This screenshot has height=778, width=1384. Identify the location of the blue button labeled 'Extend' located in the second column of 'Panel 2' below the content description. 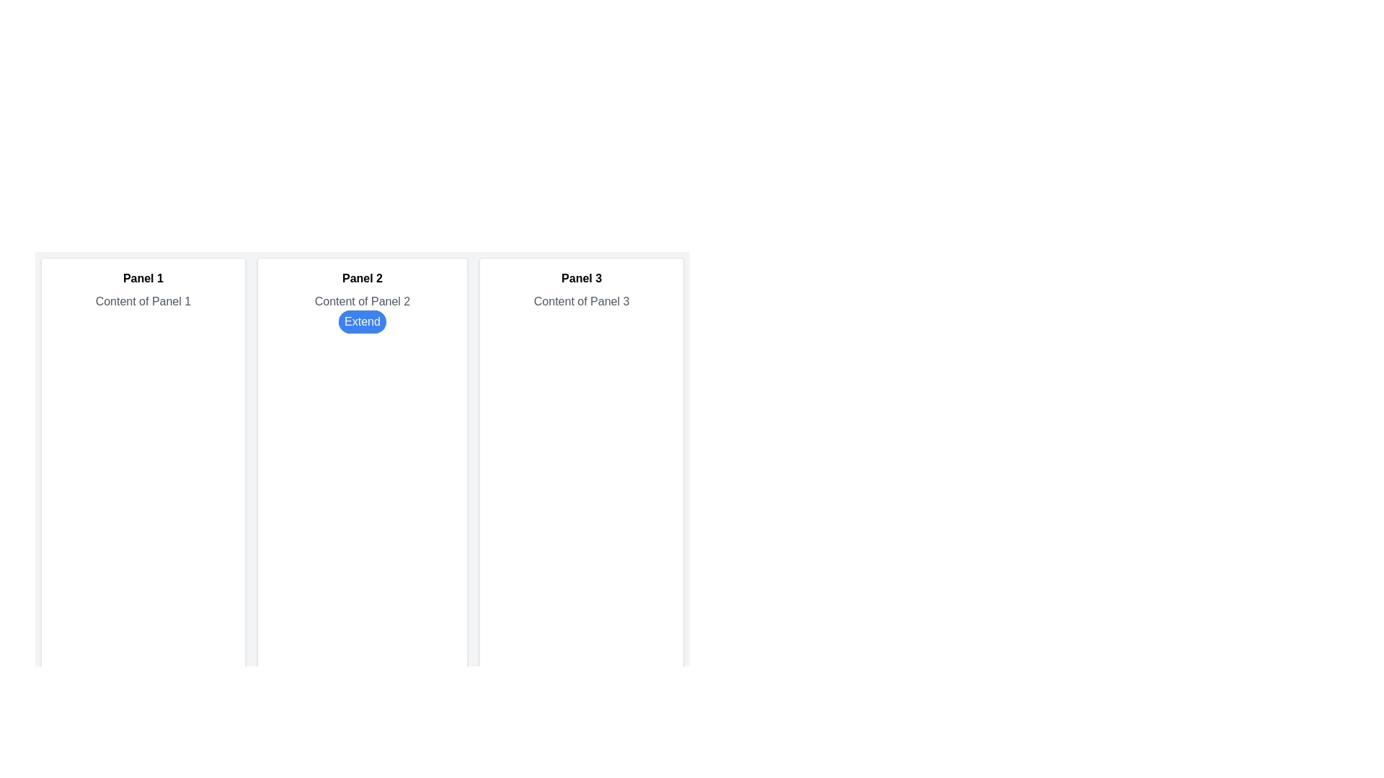
(363, 321).